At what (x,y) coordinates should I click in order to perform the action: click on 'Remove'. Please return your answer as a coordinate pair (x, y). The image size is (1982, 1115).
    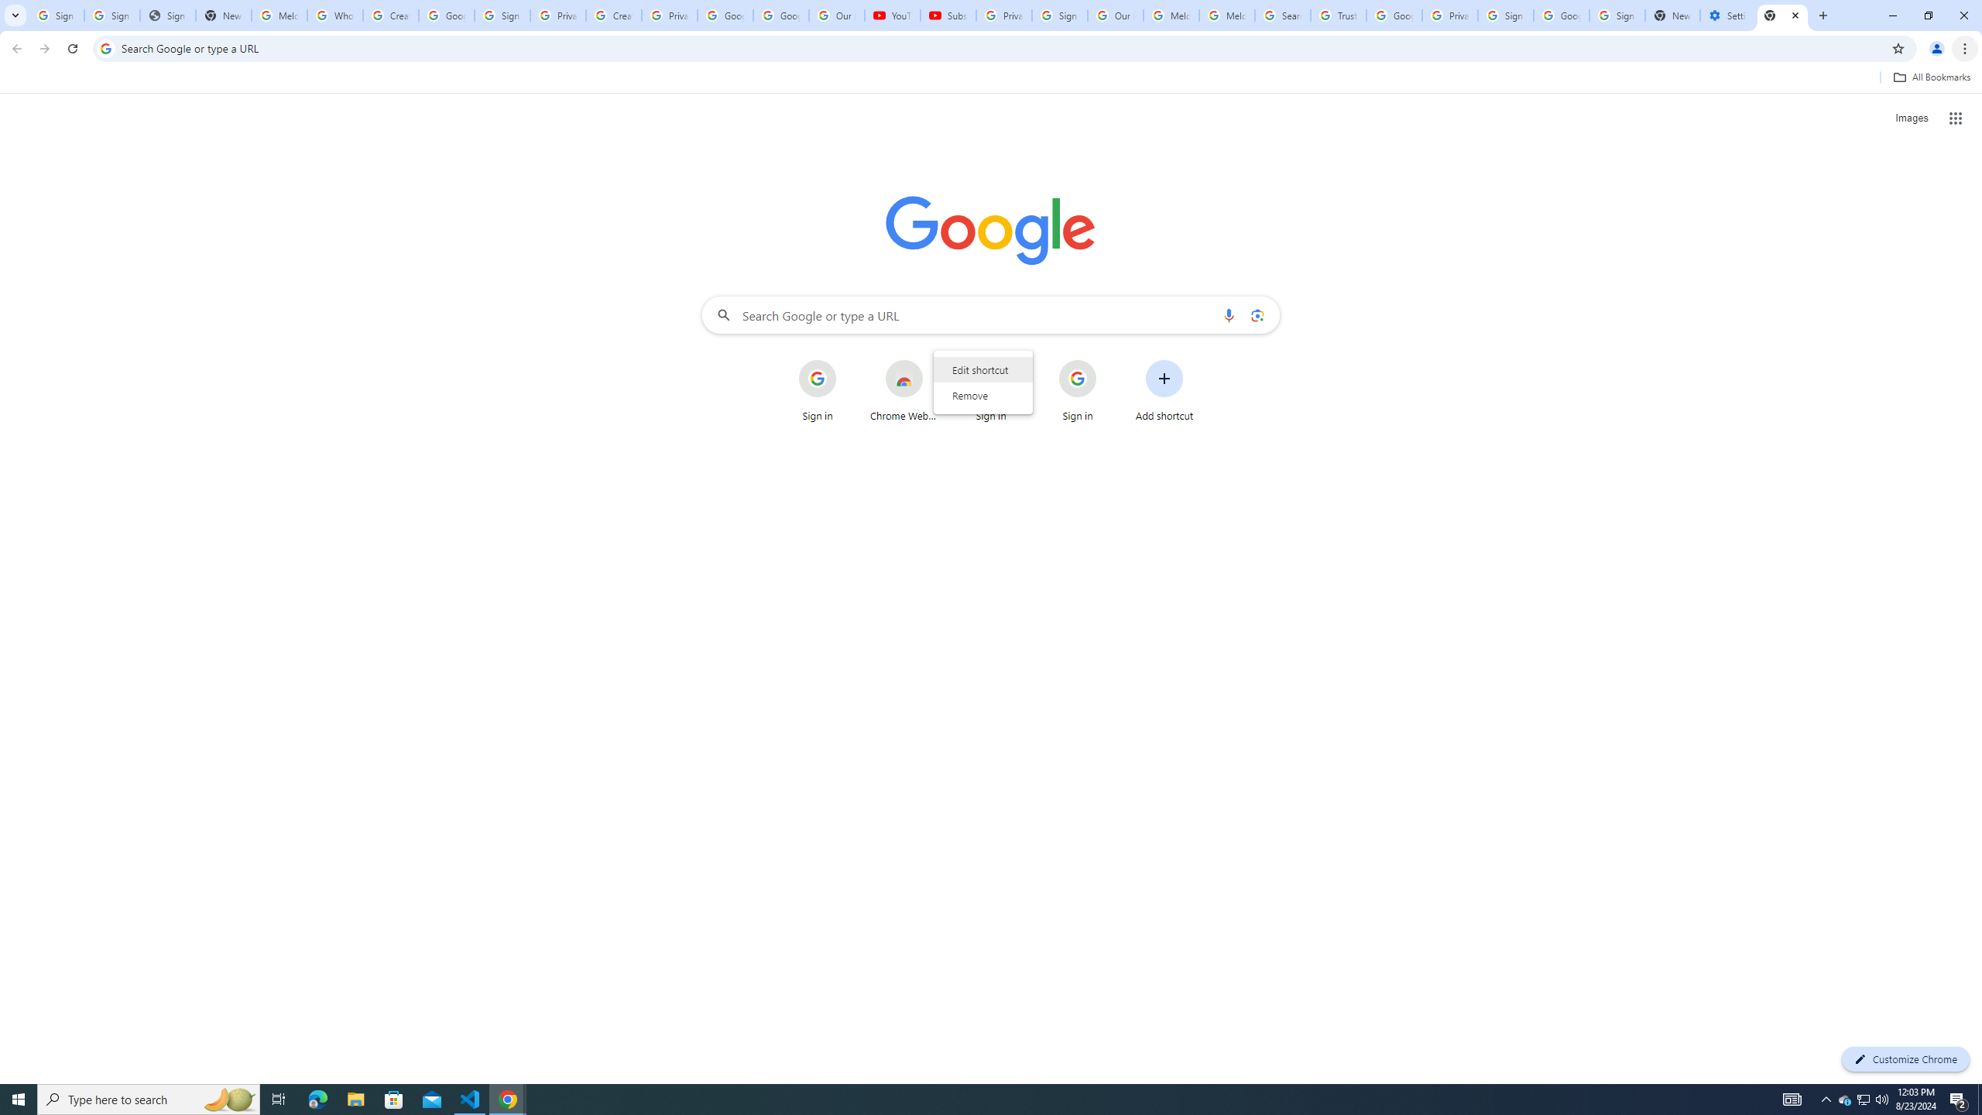
    Looking at the image, I should click on (982, 394).